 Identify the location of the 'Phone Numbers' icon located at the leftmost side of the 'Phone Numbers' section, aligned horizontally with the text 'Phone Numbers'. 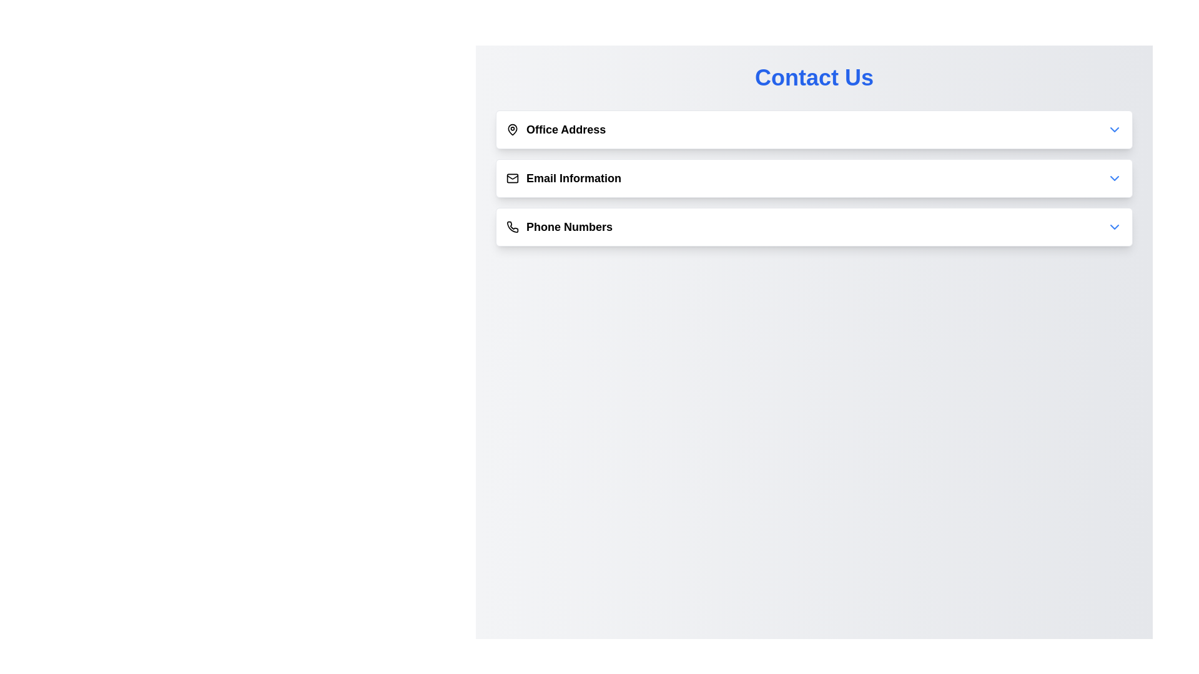
(512, 227).